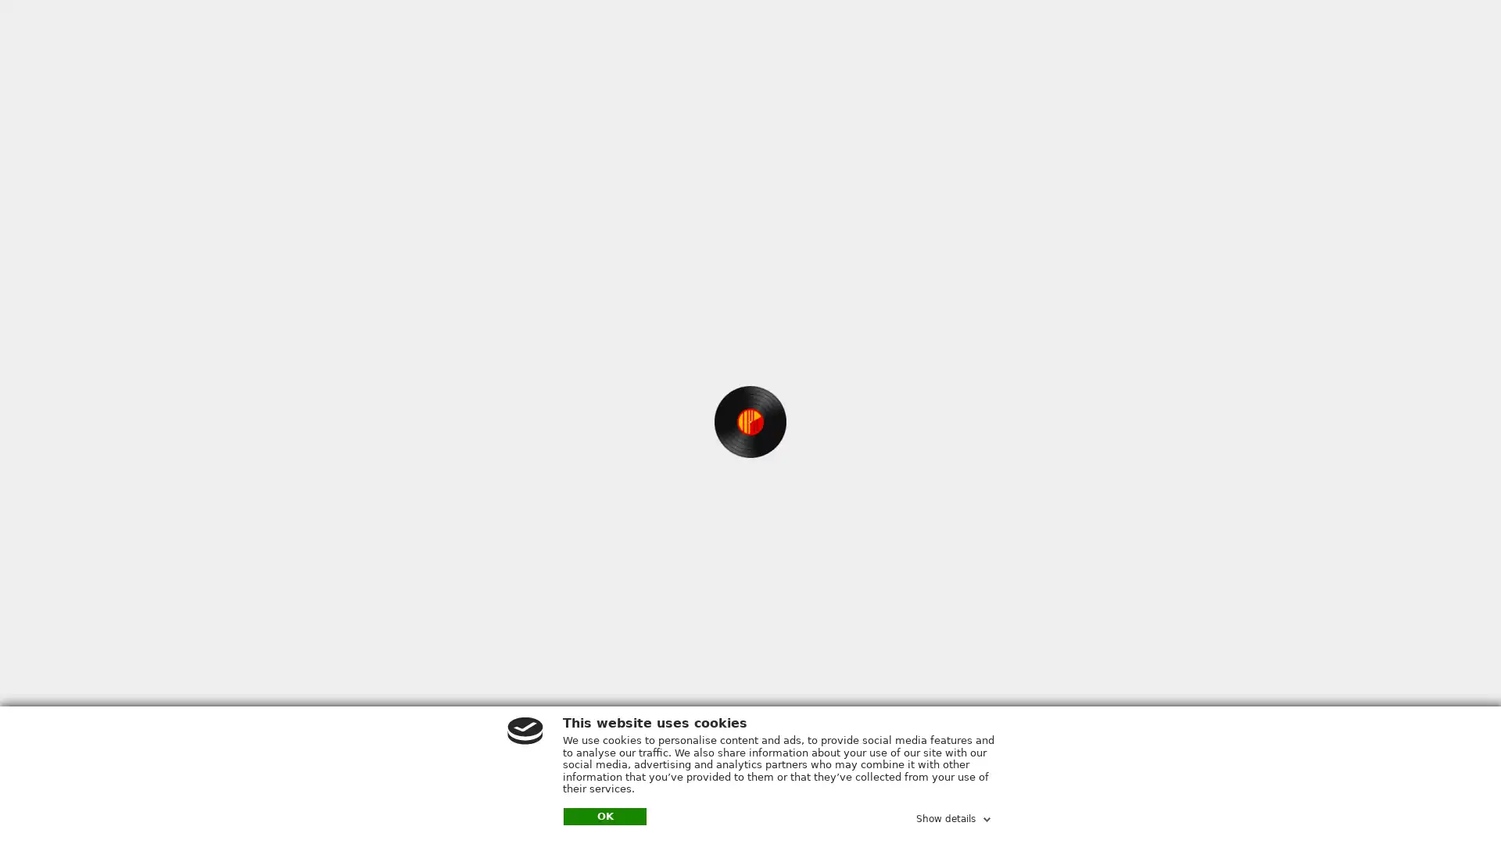 The width and height of the screenshot is (1501, 844). Describe the element at coordinates (636, 30) in the screenshot. I see `All Products` at that location.